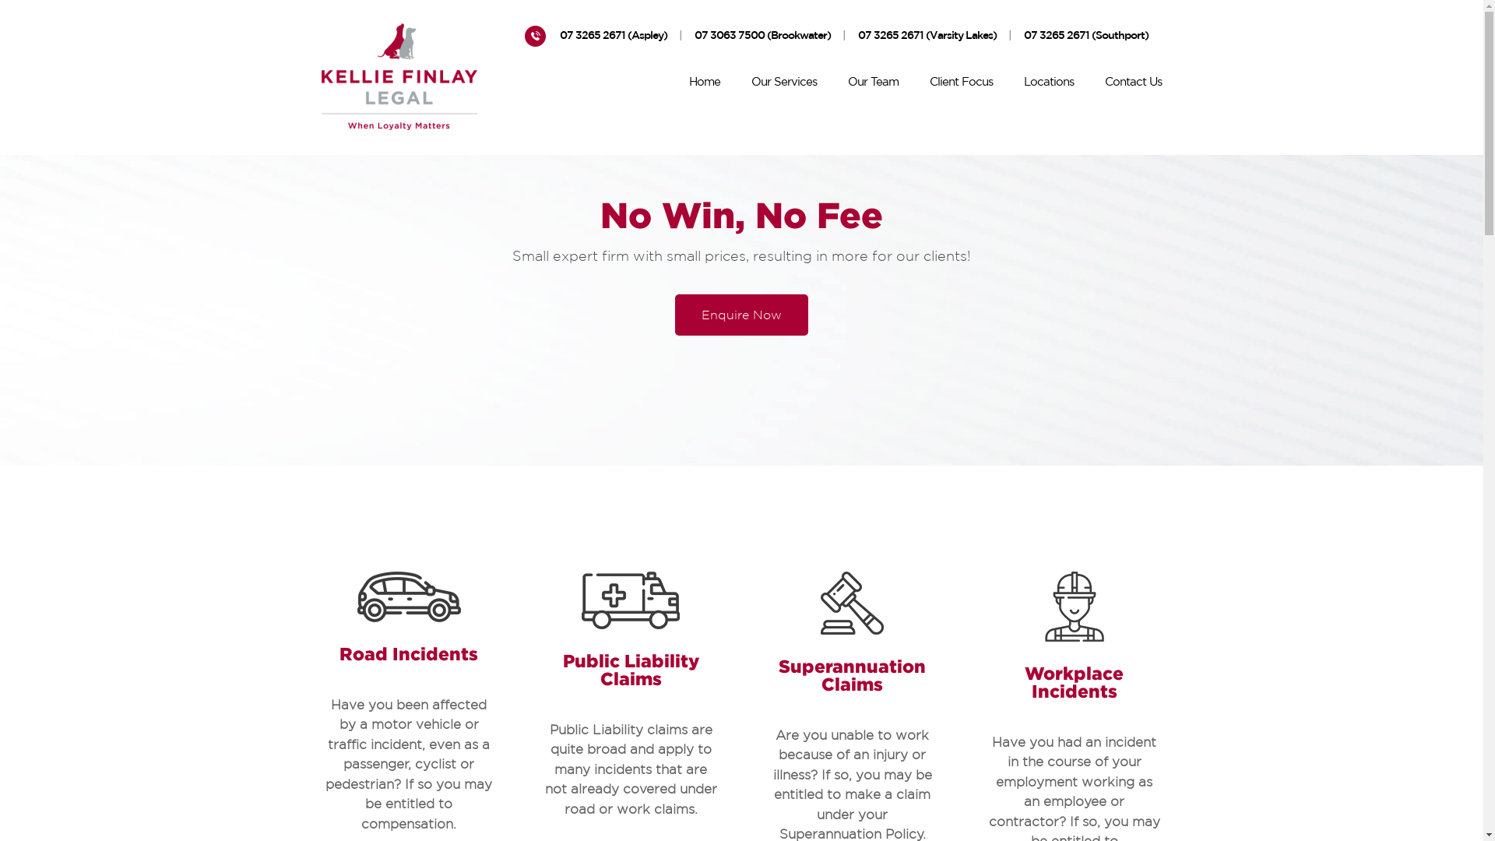 This screenshot has height=841, width=1495. I want to click on 'Home', so click(704, 84).